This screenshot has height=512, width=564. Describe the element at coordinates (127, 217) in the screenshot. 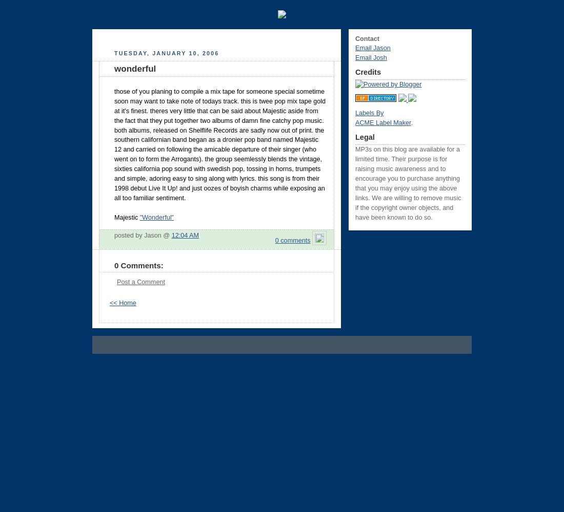

I see `'Majestic'` at that location.